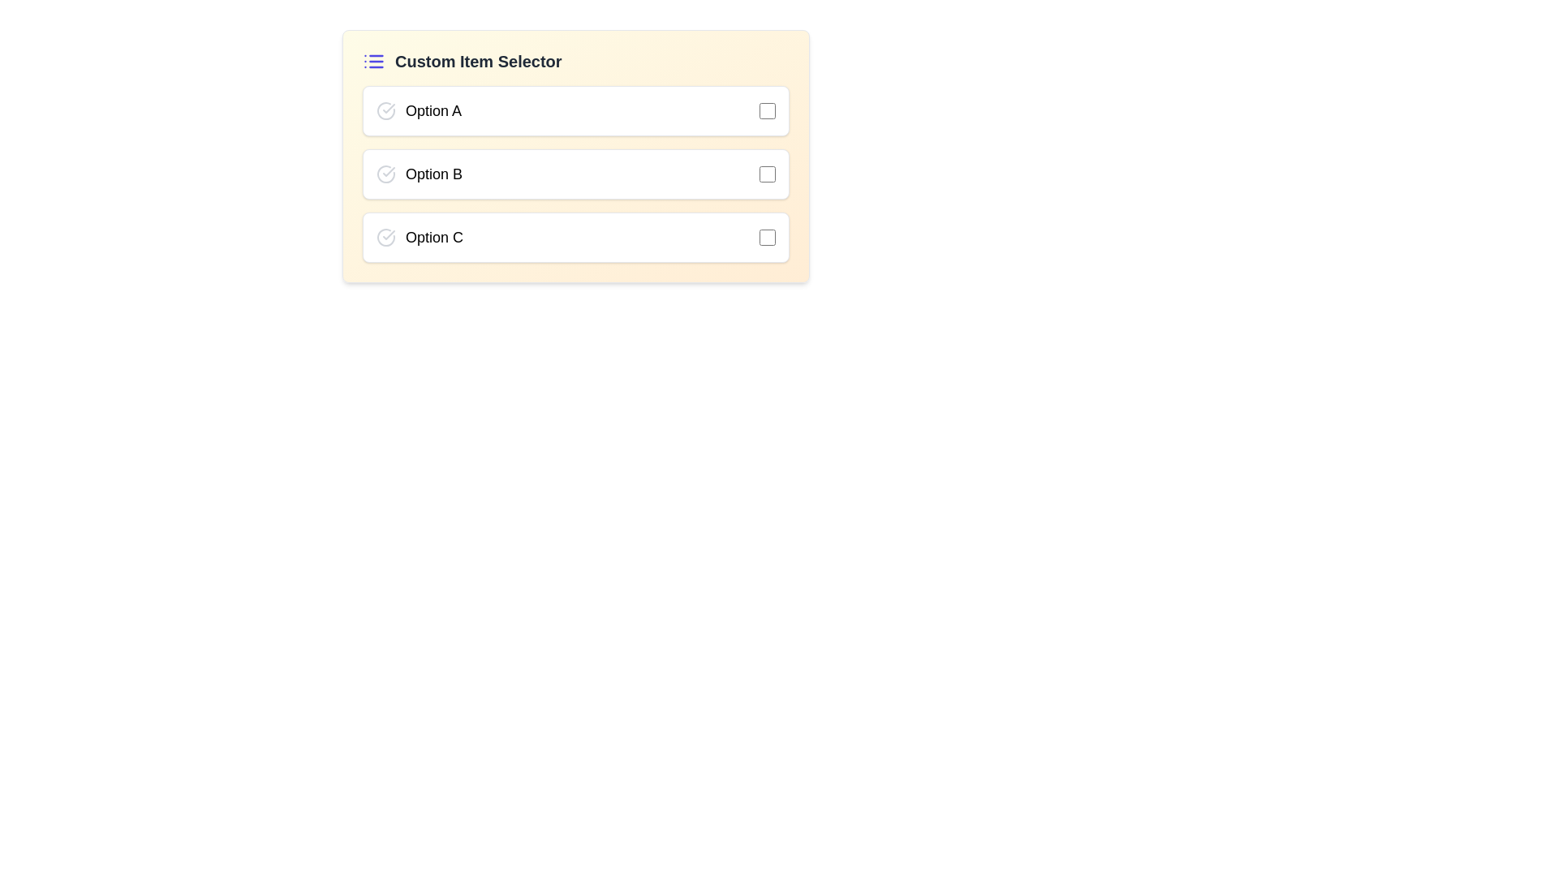 The width and height of the screenshot is (1558, 876). I want to click on the text label for 'Option B', which is the second item in a vertical list under 'Custom Item Selector', so click(420, 174).